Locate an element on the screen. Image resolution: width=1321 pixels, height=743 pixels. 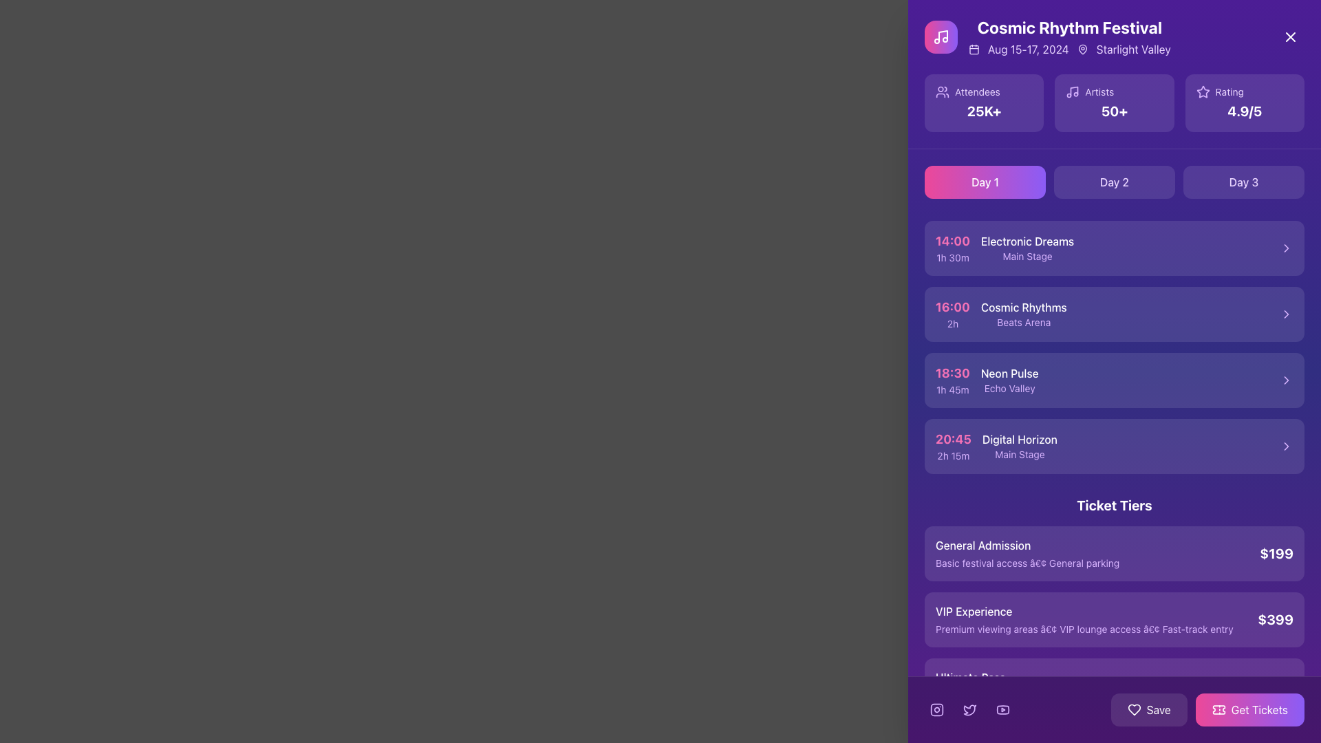
the text block displaying 'Cosmic Rhythms' and 'Beats Arena' is located at coordinates (1024, 314).